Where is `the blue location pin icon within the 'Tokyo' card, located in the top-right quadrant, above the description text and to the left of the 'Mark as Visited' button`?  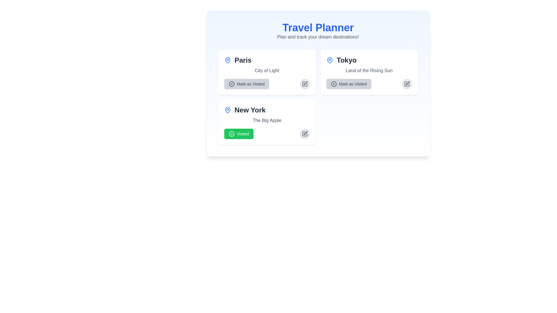
the blue location pin icon within the 'Tokyo' card, located in the top-right quadrant, above the description text and to the left of the 'Mark as Visited' button is located at coordinates (330, 60).